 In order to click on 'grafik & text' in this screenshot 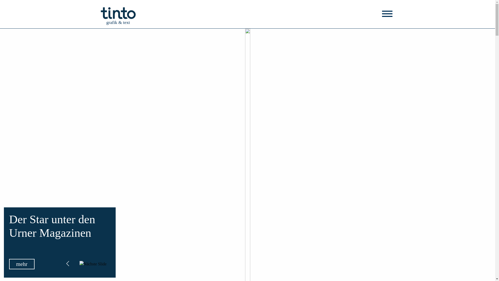, I will do `click(118, 13)`.